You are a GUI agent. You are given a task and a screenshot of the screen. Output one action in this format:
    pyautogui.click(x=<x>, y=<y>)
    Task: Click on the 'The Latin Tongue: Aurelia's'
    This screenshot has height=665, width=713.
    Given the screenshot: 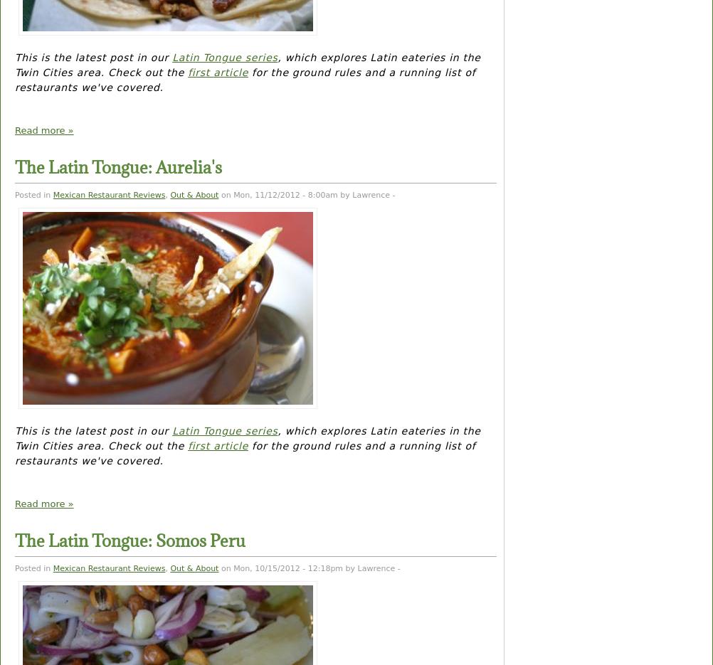 What is the action you would take?
    pyautogui.click(x=15, y=166)
    